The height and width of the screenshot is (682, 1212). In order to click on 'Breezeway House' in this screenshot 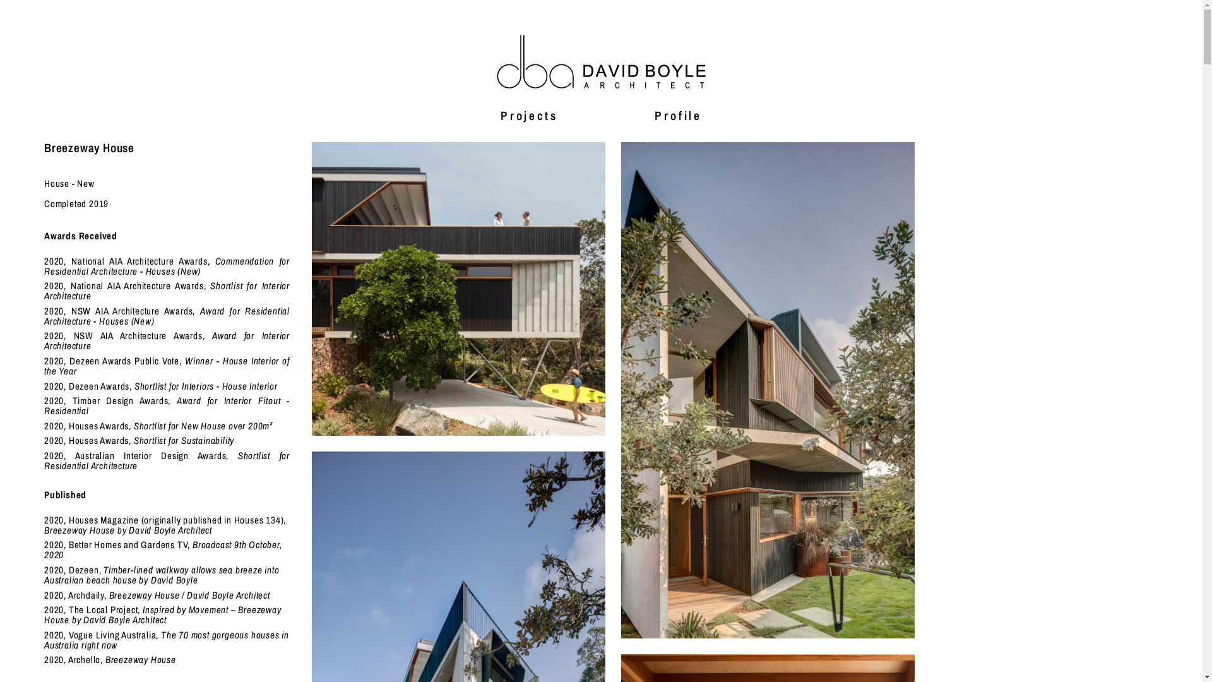, I will do `click(458, 289)`.